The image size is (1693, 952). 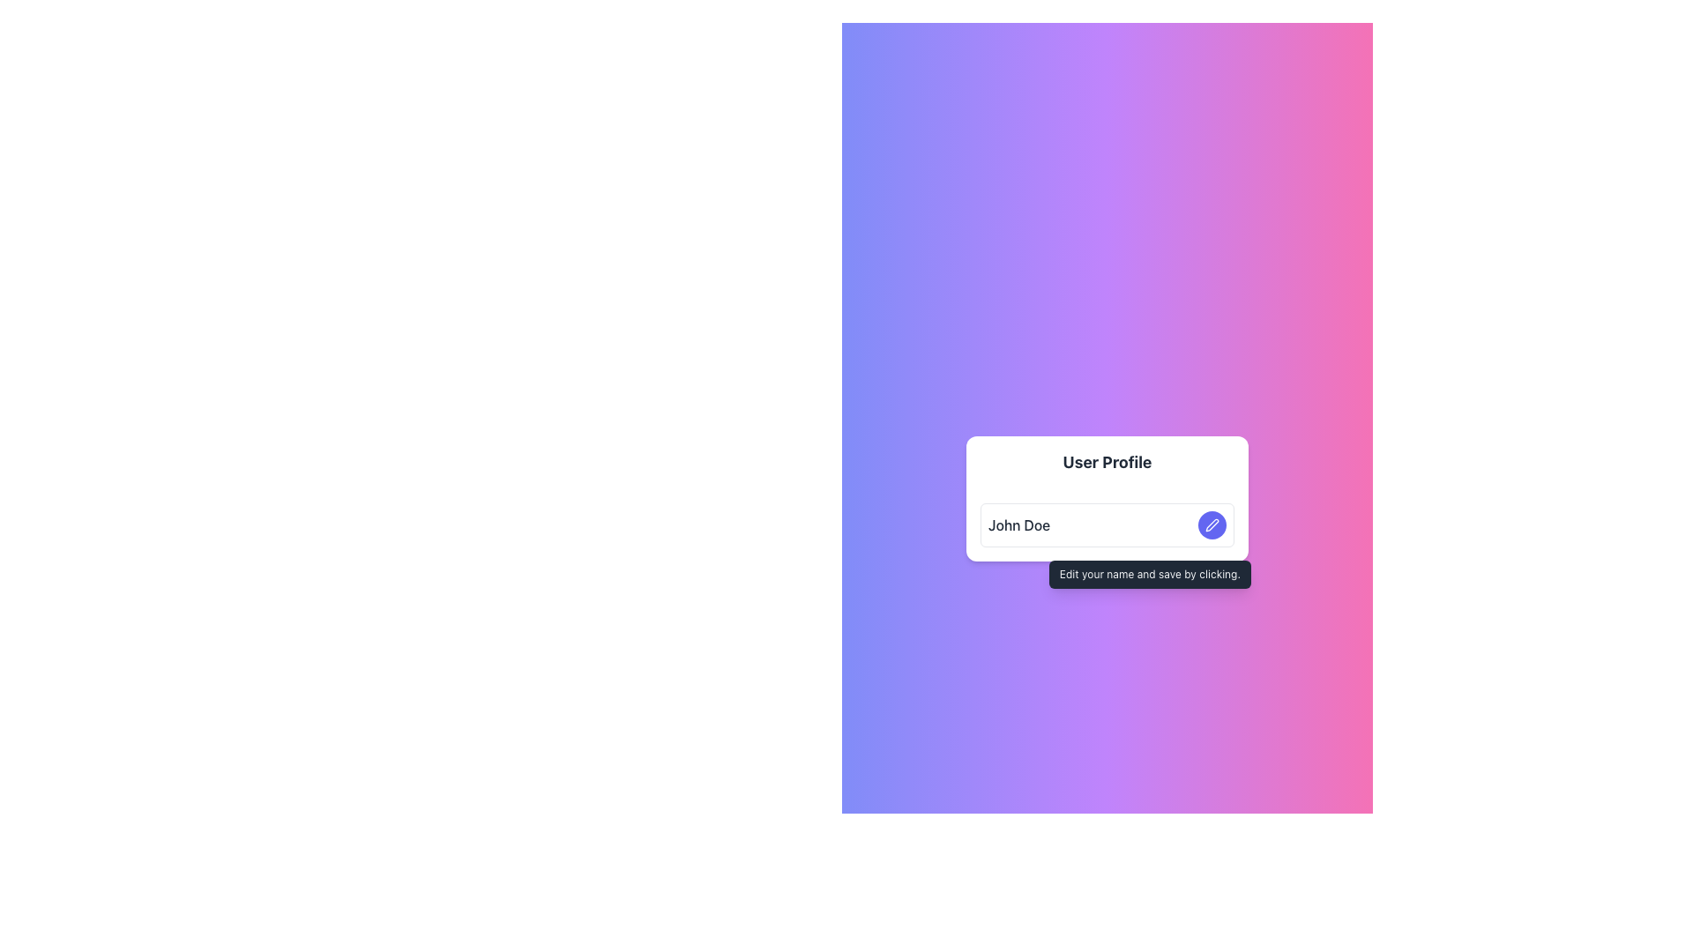 What do you see at coordinates (1150, 574) in the screenshot?
I see `text content of the Tooltip that provides contextual help related to the action above, positioned slightly to the right below the main content area` at bounding box center [1150, 574].